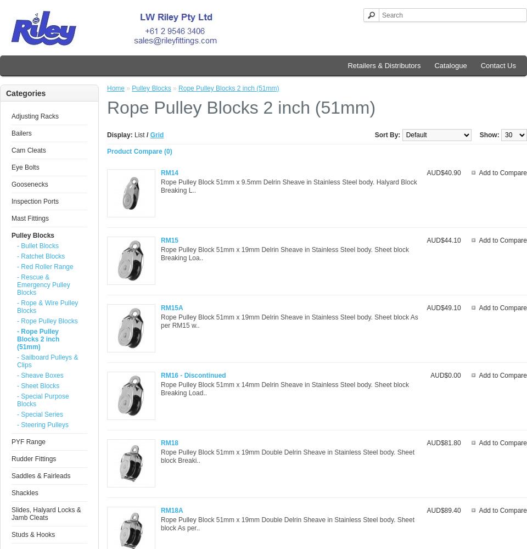 This screenshot has width=527, height=549. I want to click on 'Home', so click(116, 88).